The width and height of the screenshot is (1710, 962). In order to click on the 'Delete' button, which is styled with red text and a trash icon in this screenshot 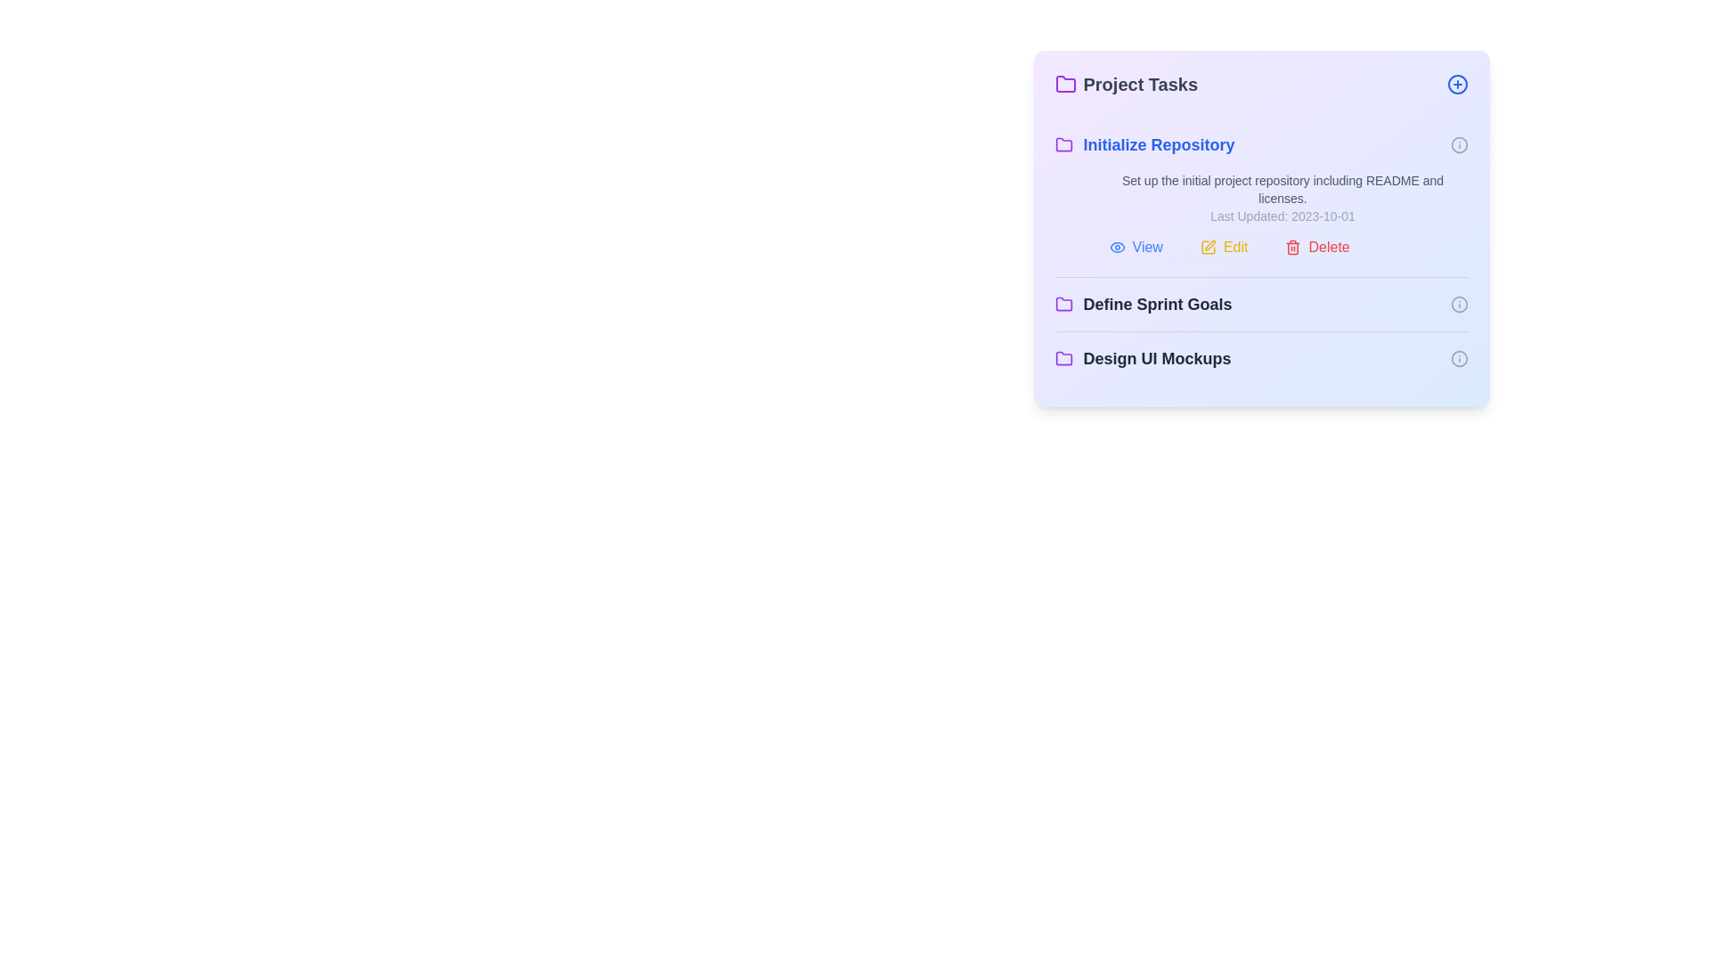, I will do `click(1317, 247)`.